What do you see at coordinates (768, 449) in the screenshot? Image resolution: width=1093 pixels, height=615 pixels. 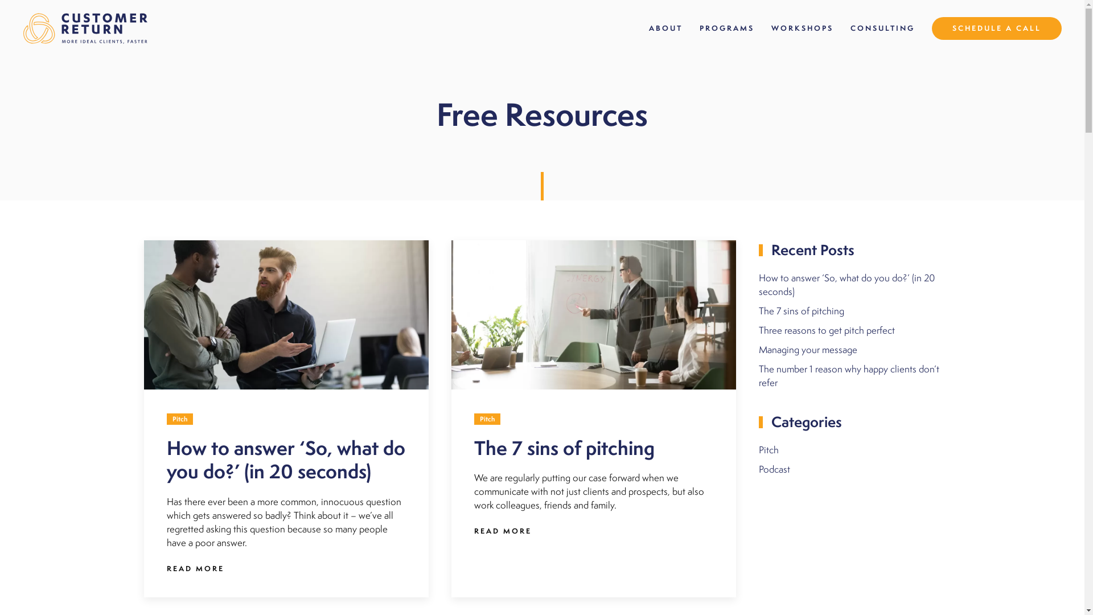 I see `'Pitch'` at bounding box center [768, 449].